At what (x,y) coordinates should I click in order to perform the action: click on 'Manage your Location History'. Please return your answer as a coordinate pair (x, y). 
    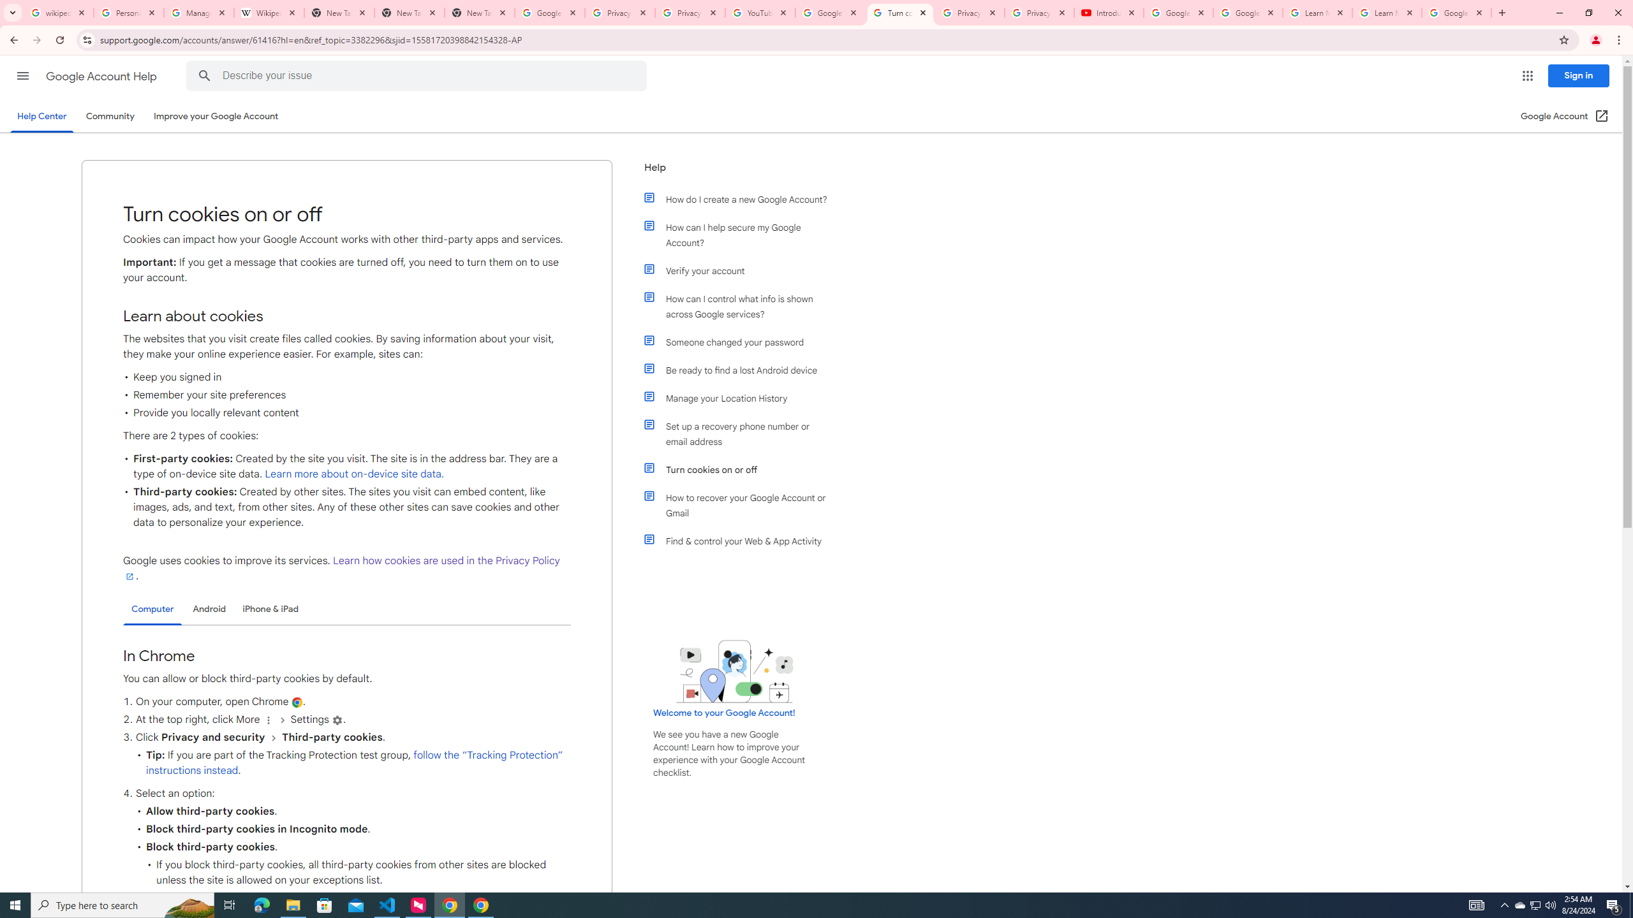
    Looking at the image, I should click on (741, 398).